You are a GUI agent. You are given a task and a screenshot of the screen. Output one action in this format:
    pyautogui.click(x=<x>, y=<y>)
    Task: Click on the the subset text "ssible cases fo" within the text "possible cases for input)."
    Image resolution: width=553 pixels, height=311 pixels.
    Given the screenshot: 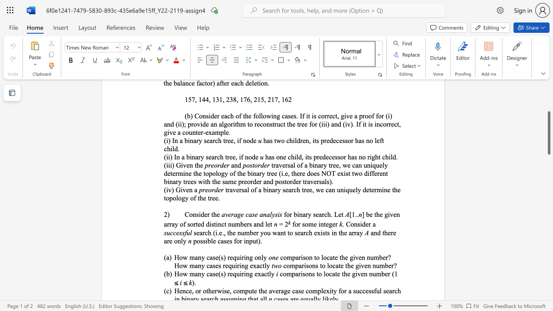 What is the action you would take?
    pyautogui.click(x=200, y=241)
    